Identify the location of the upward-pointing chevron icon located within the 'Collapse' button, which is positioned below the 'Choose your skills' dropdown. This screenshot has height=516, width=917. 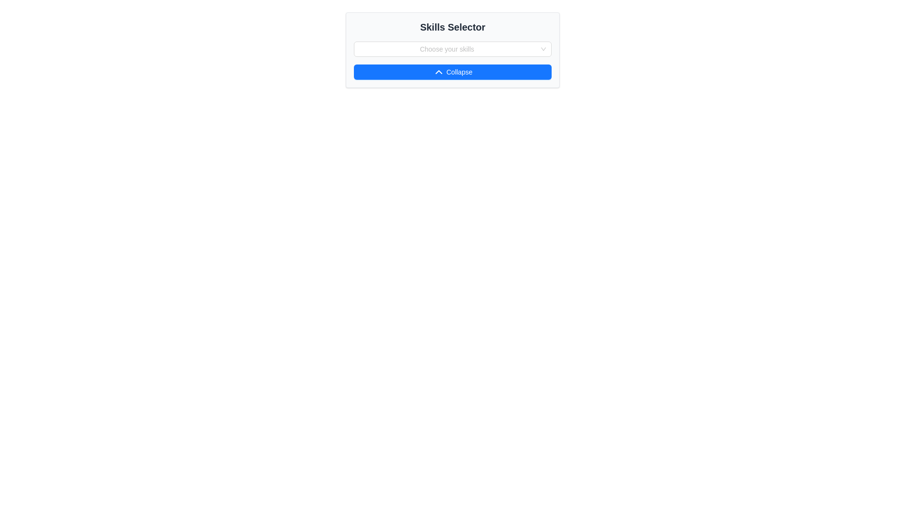
(438, 71).